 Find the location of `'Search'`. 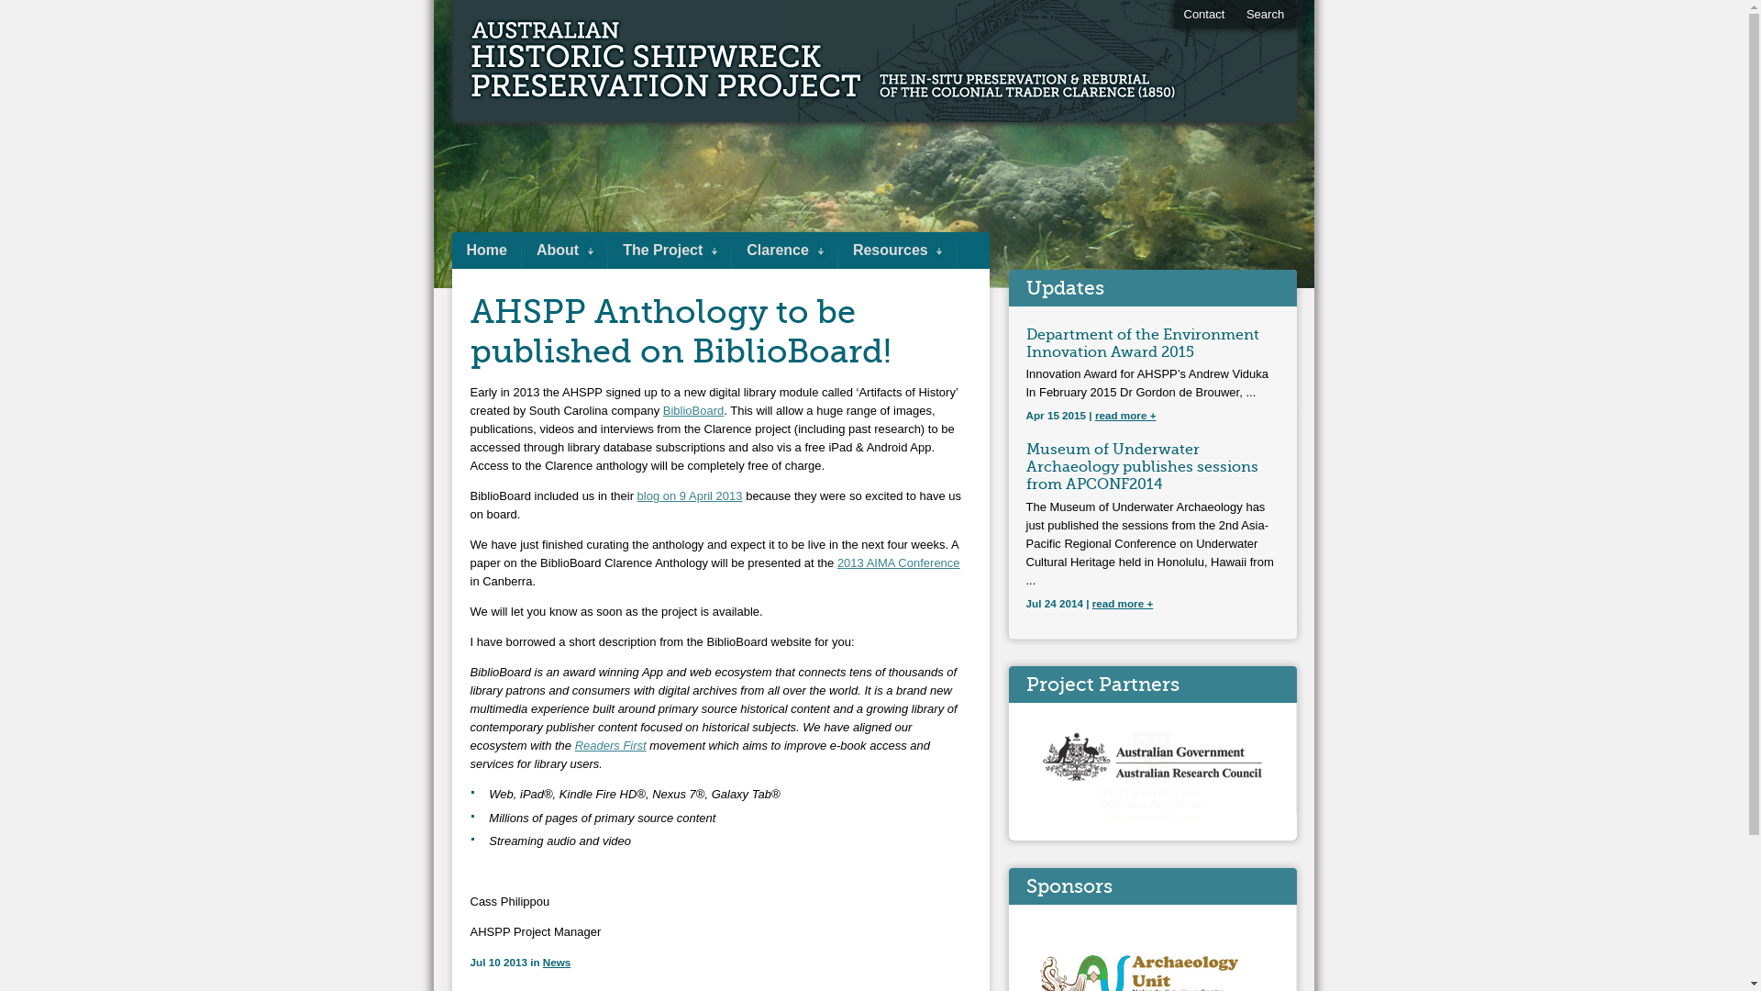

'Search' is located at coordinates (1264, 14).